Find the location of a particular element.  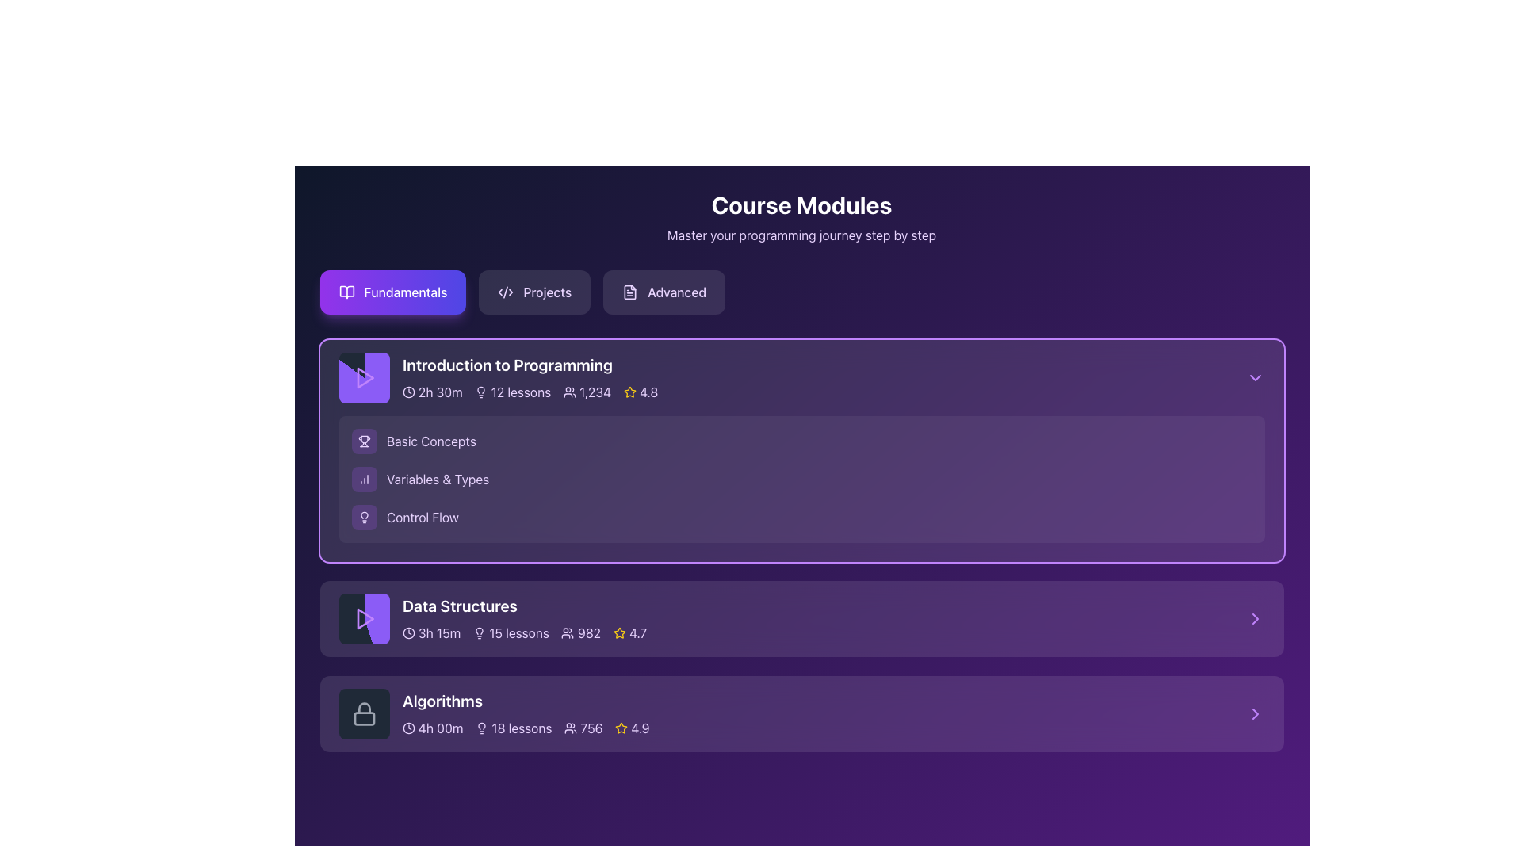

the text label '15 lessons' which is paired with a lightbulb icon, located underneath the 'Data Structures' module heading is located at coordinates (511, 632).